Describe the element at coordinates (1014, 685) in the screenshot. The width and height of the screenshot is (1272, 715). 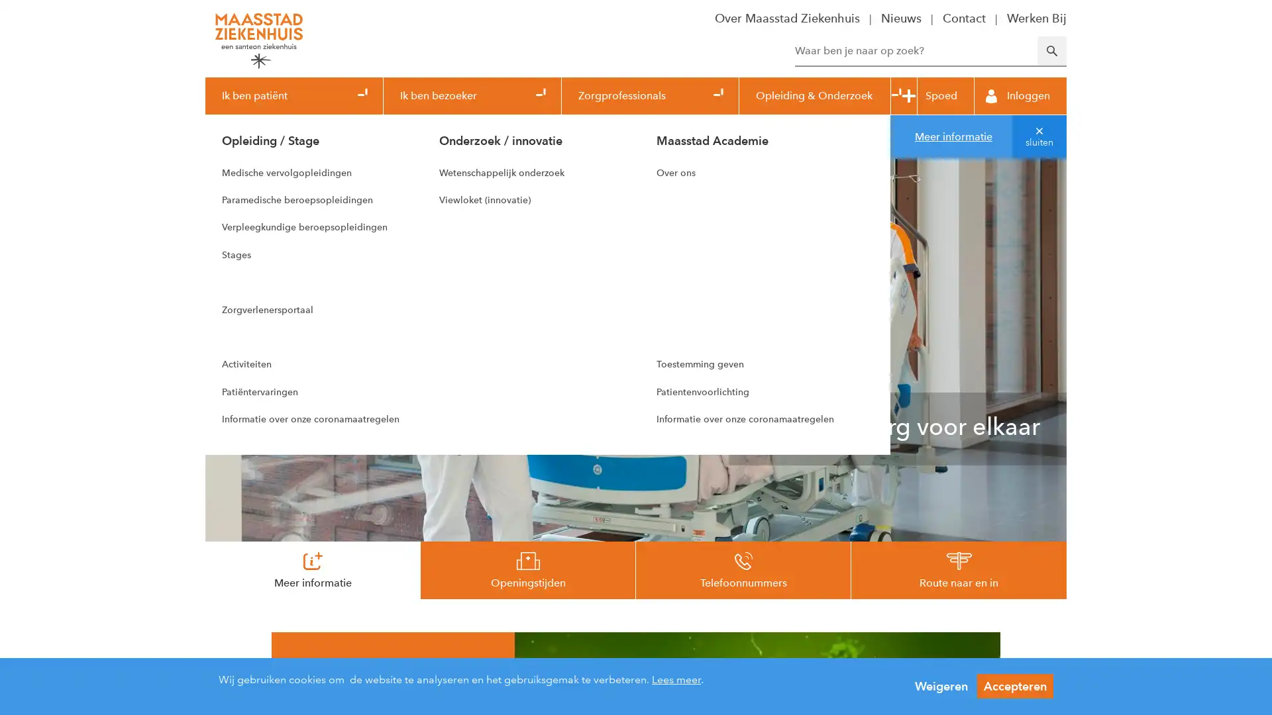
I see `Accepteren` at that location.